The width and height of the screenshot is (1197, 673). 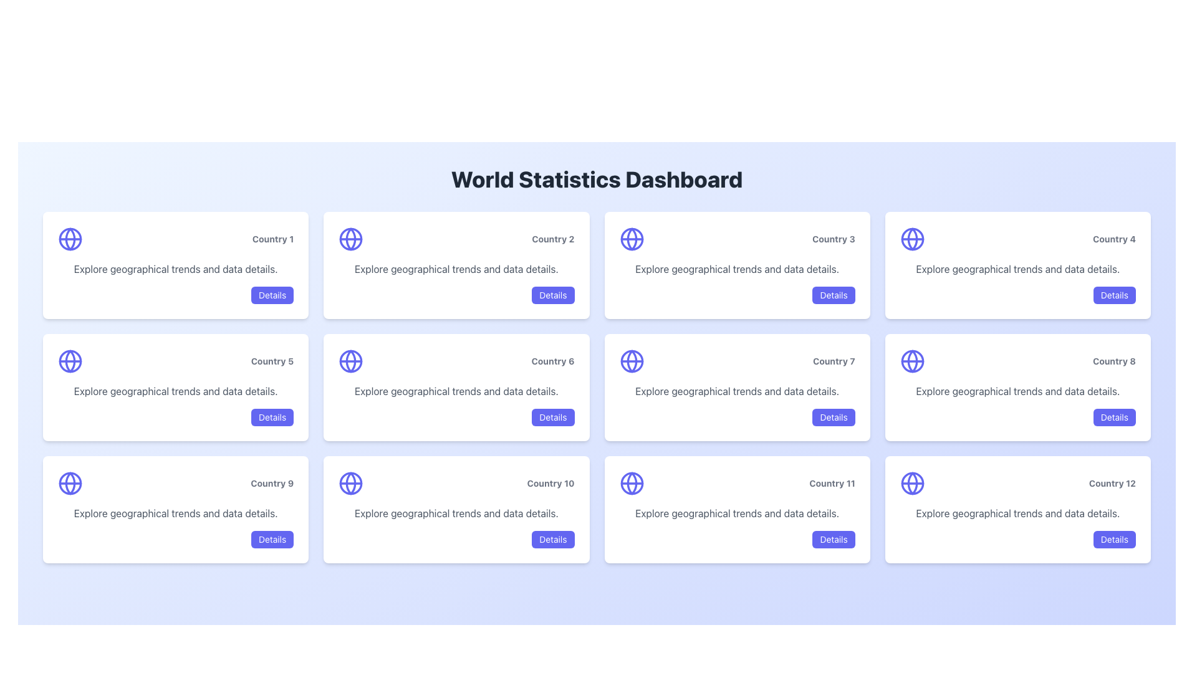 What do you see at coordinates (596, 179) in the screenshot?
I see `title text element located at the top of the page, which provides insight into the content and purpose of the page` at bounding box center [596, 179].